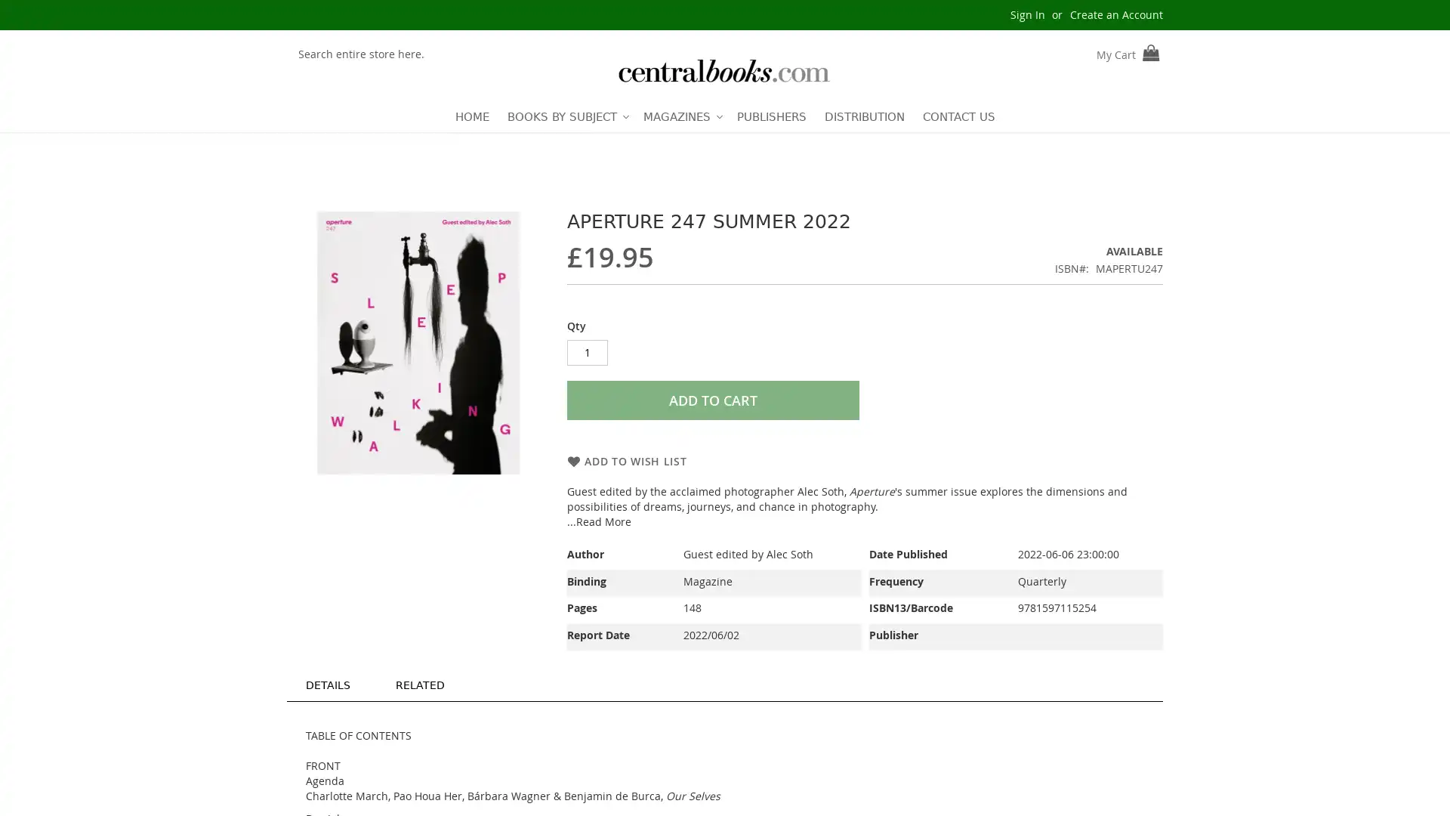  I want to click on Aperture 247 Summer 2022, so click(524, 517).